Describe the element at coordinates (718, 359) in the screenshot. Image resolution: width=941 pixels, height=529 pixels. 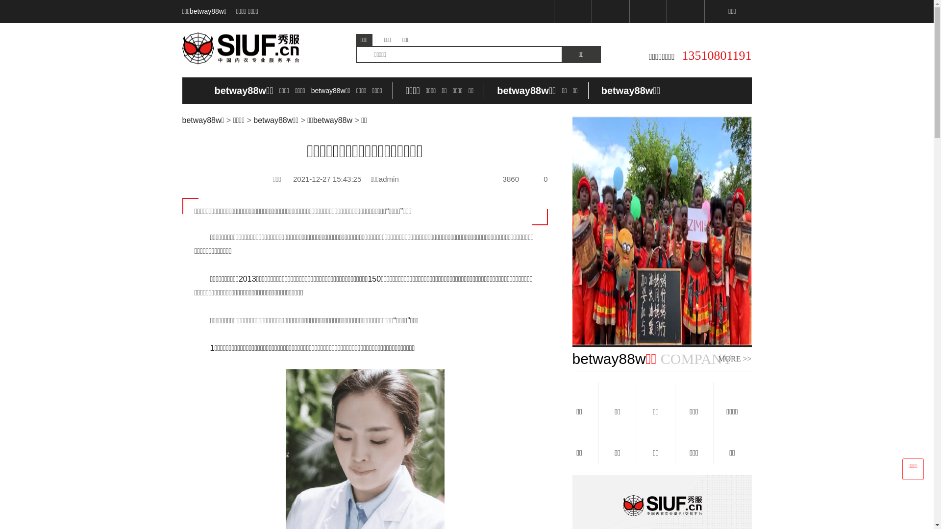
I see `'MORE >>'` at that location.